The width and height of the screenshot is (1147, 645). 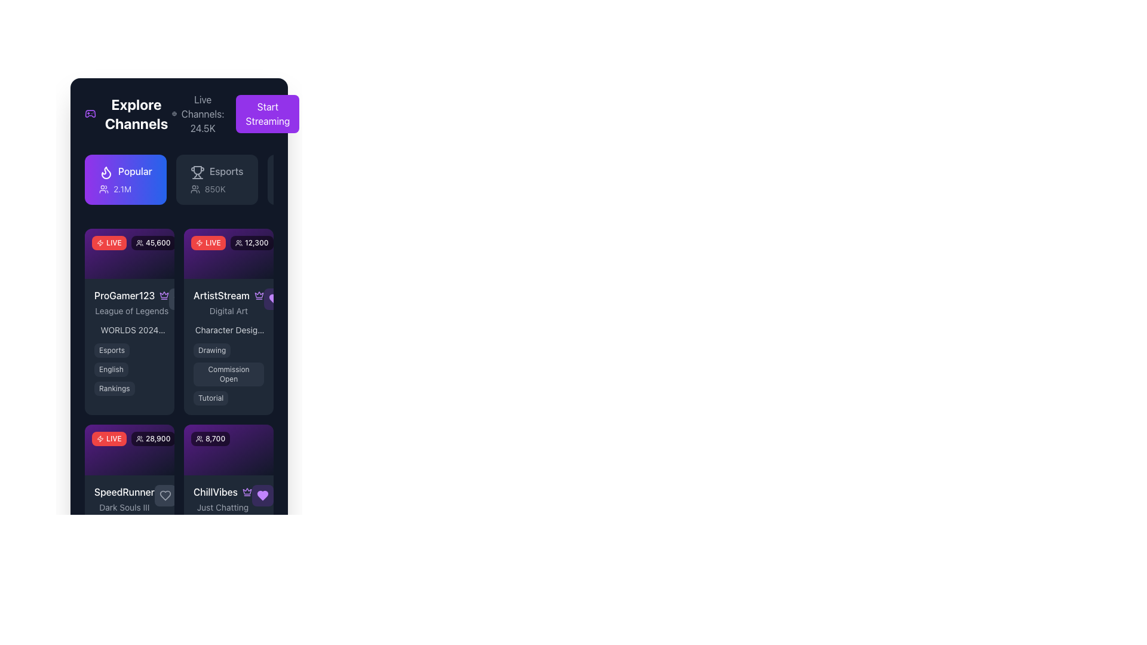 I want to click on the static text label displaying the total number of users or viewers related to the 'Popular' category, which is located at the bottom of the 'Popular' button, aligned to the left side below the flame icon, so click(x=125, y=188).